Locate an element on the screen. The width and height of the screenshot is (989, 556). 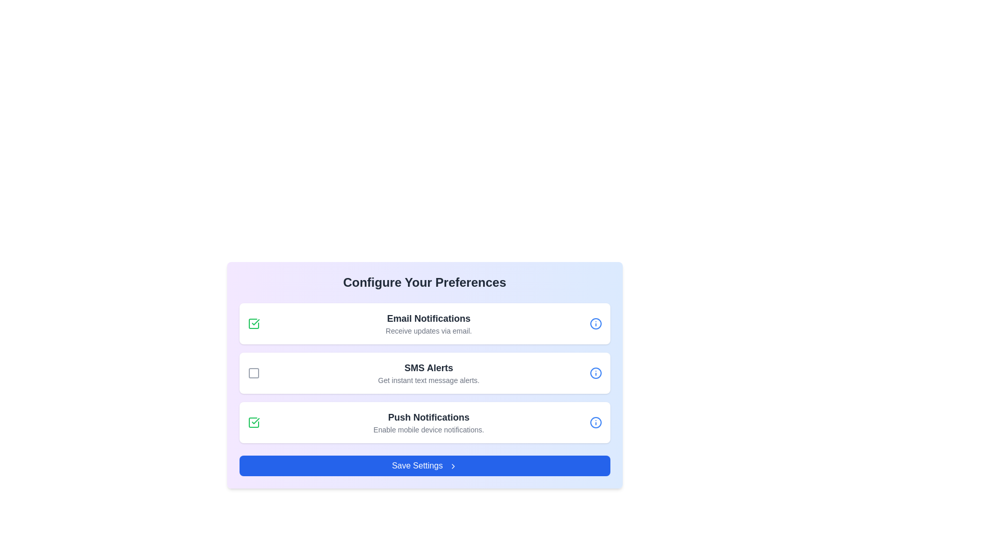
the 'Email Notifications' text label which serves as the title for the section that provides information about email updates is located at coordinates (429, 318).